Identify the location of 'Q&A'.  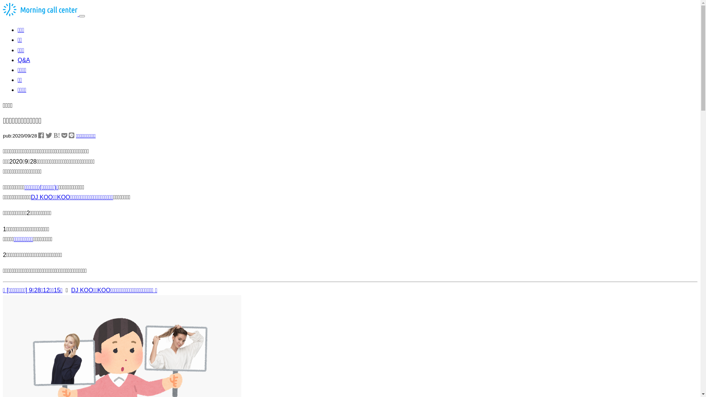
(24, 60).